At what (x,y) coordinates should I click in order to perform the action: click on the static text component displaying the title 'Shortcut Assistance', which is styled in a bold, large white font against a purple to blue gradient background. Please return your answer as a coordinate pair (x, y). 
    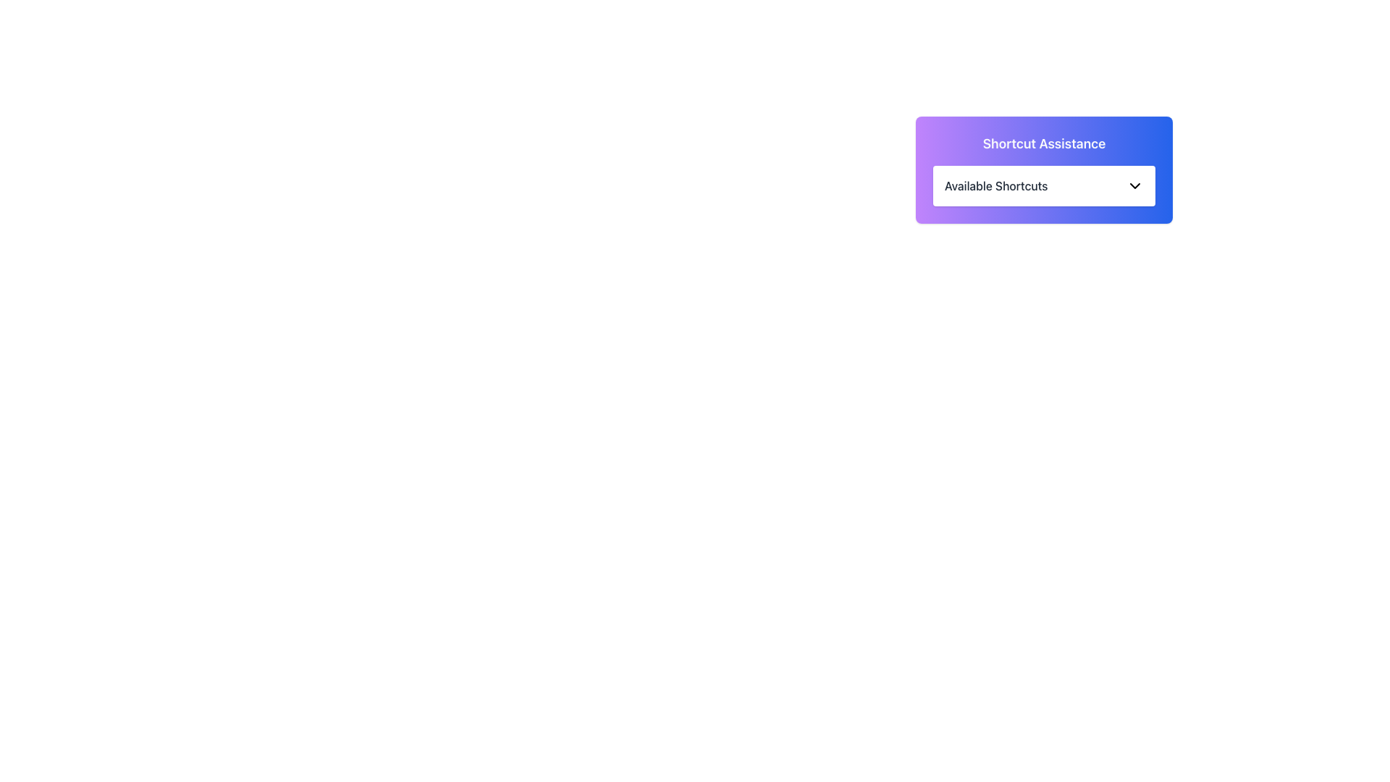
    Looking at the image, I should click on (1044, 144).